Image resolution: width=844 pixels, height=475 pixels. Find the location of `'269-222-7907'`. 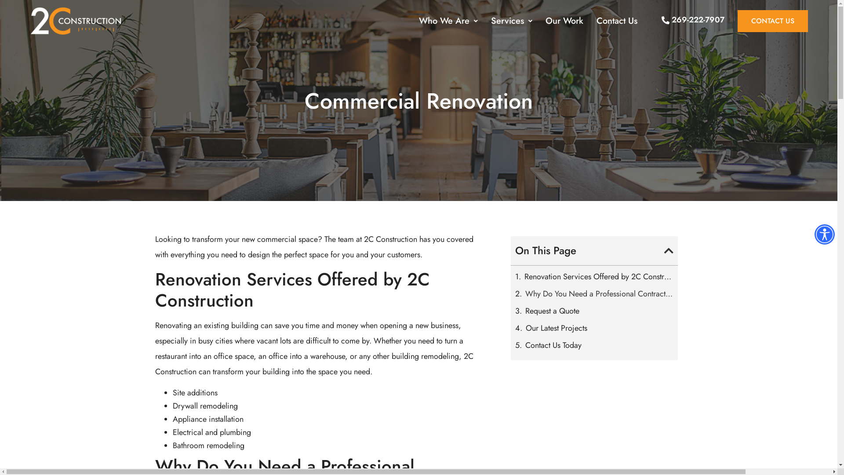

'269-222-7907' is located at coordinates (692, 20).